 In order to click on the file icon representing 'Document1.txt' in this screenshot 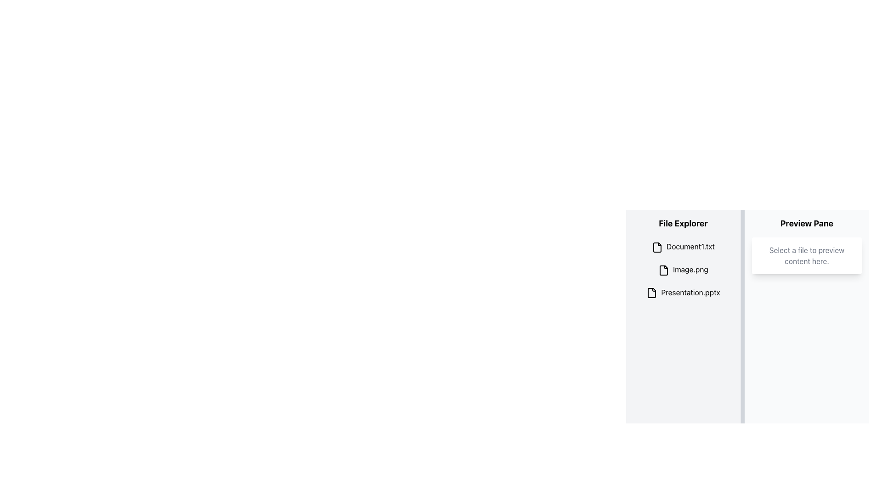, I will do `click(656, 246)`.